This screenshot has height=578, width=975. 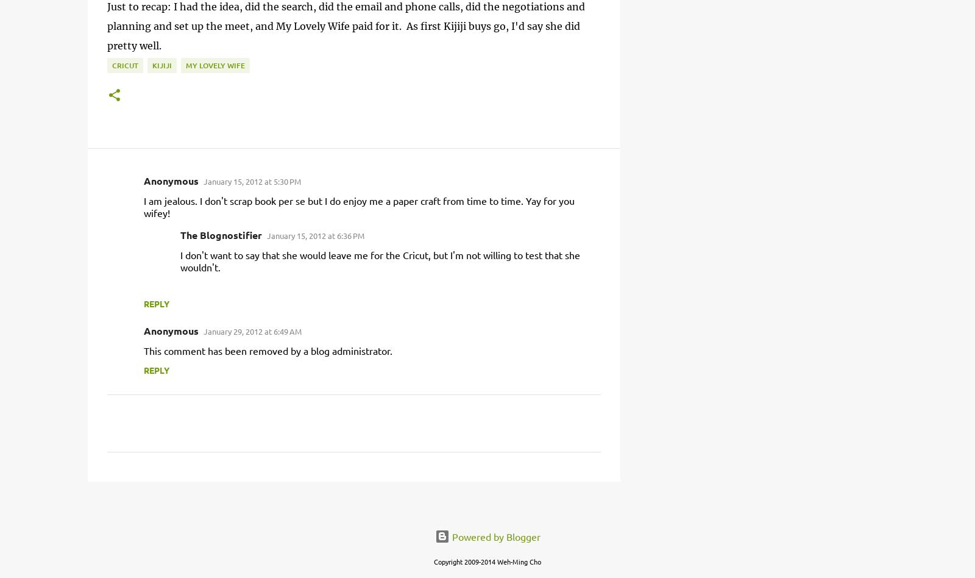 I want to click on 'The Blognostifier', so click(x=221, y=234).